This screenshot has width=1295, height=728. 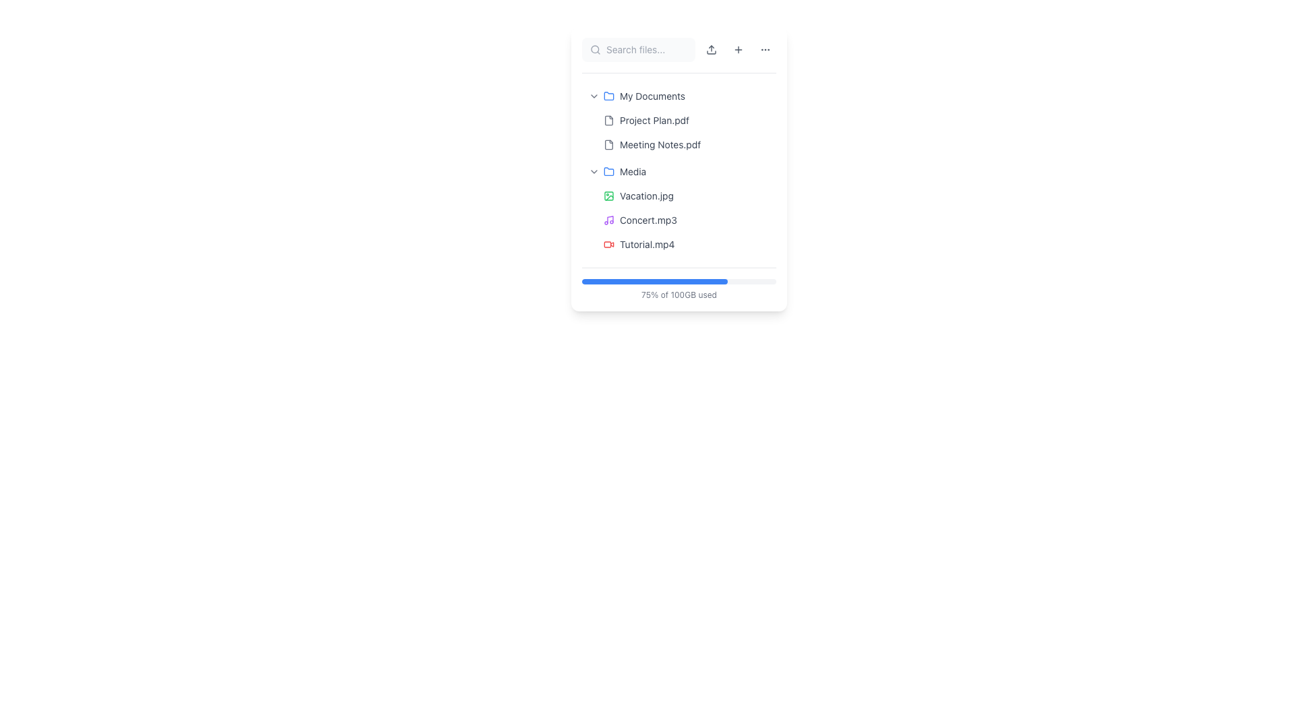 What do you see at coordinates (608, 95) in the screenshot?
I see `the folder icon located within the 'My Documents' menu group, positioned to the left of the label text and to the right of a chevron-down arrow icon` at bounding box center [608, 95].